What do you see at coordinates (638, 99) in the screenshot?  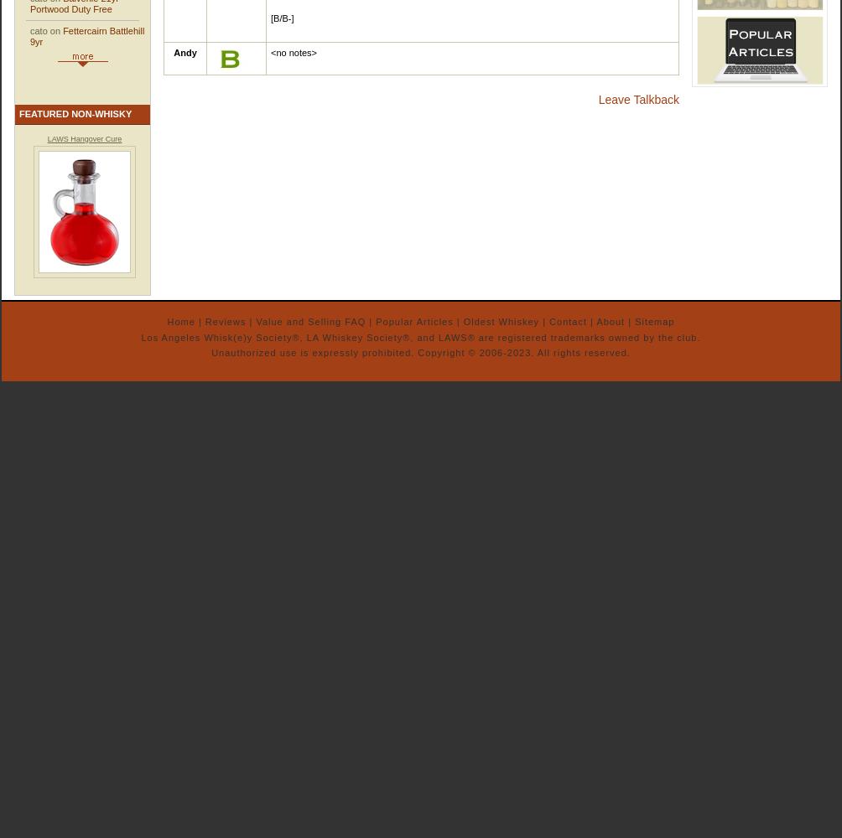 I see `'Leave Talkback'` at bounding box center [638, 99].